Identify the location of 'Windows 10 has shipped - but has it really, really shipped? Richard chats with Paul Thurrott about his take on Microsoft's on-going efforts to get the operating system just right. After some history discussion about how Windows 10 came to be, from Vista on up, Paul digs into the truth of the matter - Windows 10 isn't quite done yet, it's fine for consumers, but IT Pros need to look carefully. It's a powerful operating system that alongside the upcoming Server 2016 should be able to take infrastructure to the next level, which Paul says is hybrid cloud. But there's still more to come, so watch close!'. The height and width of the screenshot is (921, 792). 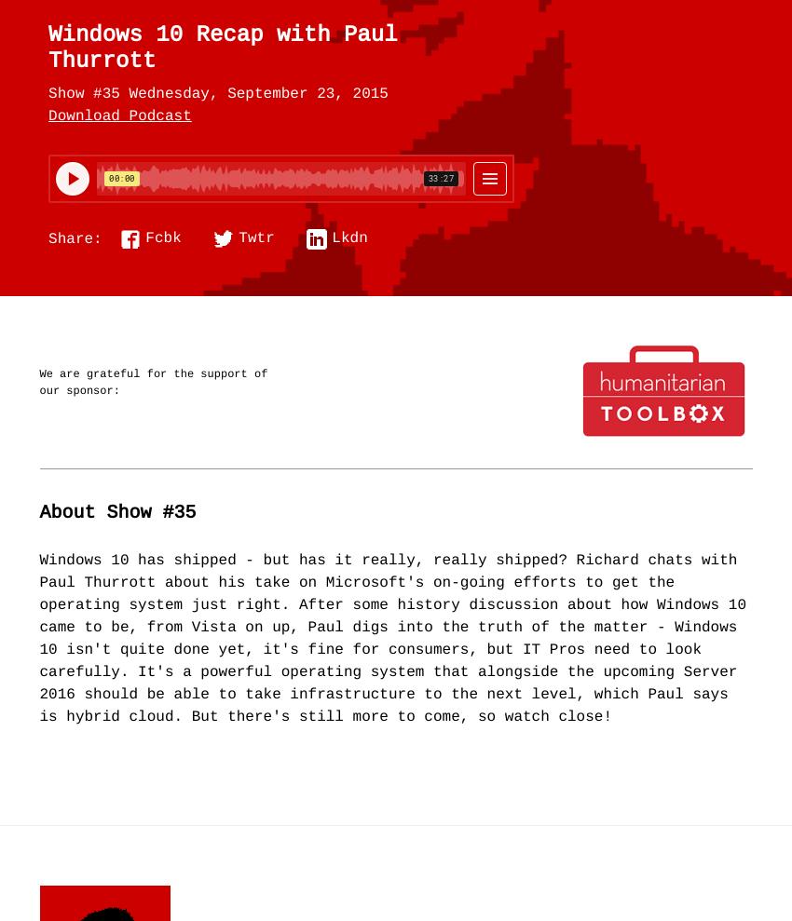
(392, 638).